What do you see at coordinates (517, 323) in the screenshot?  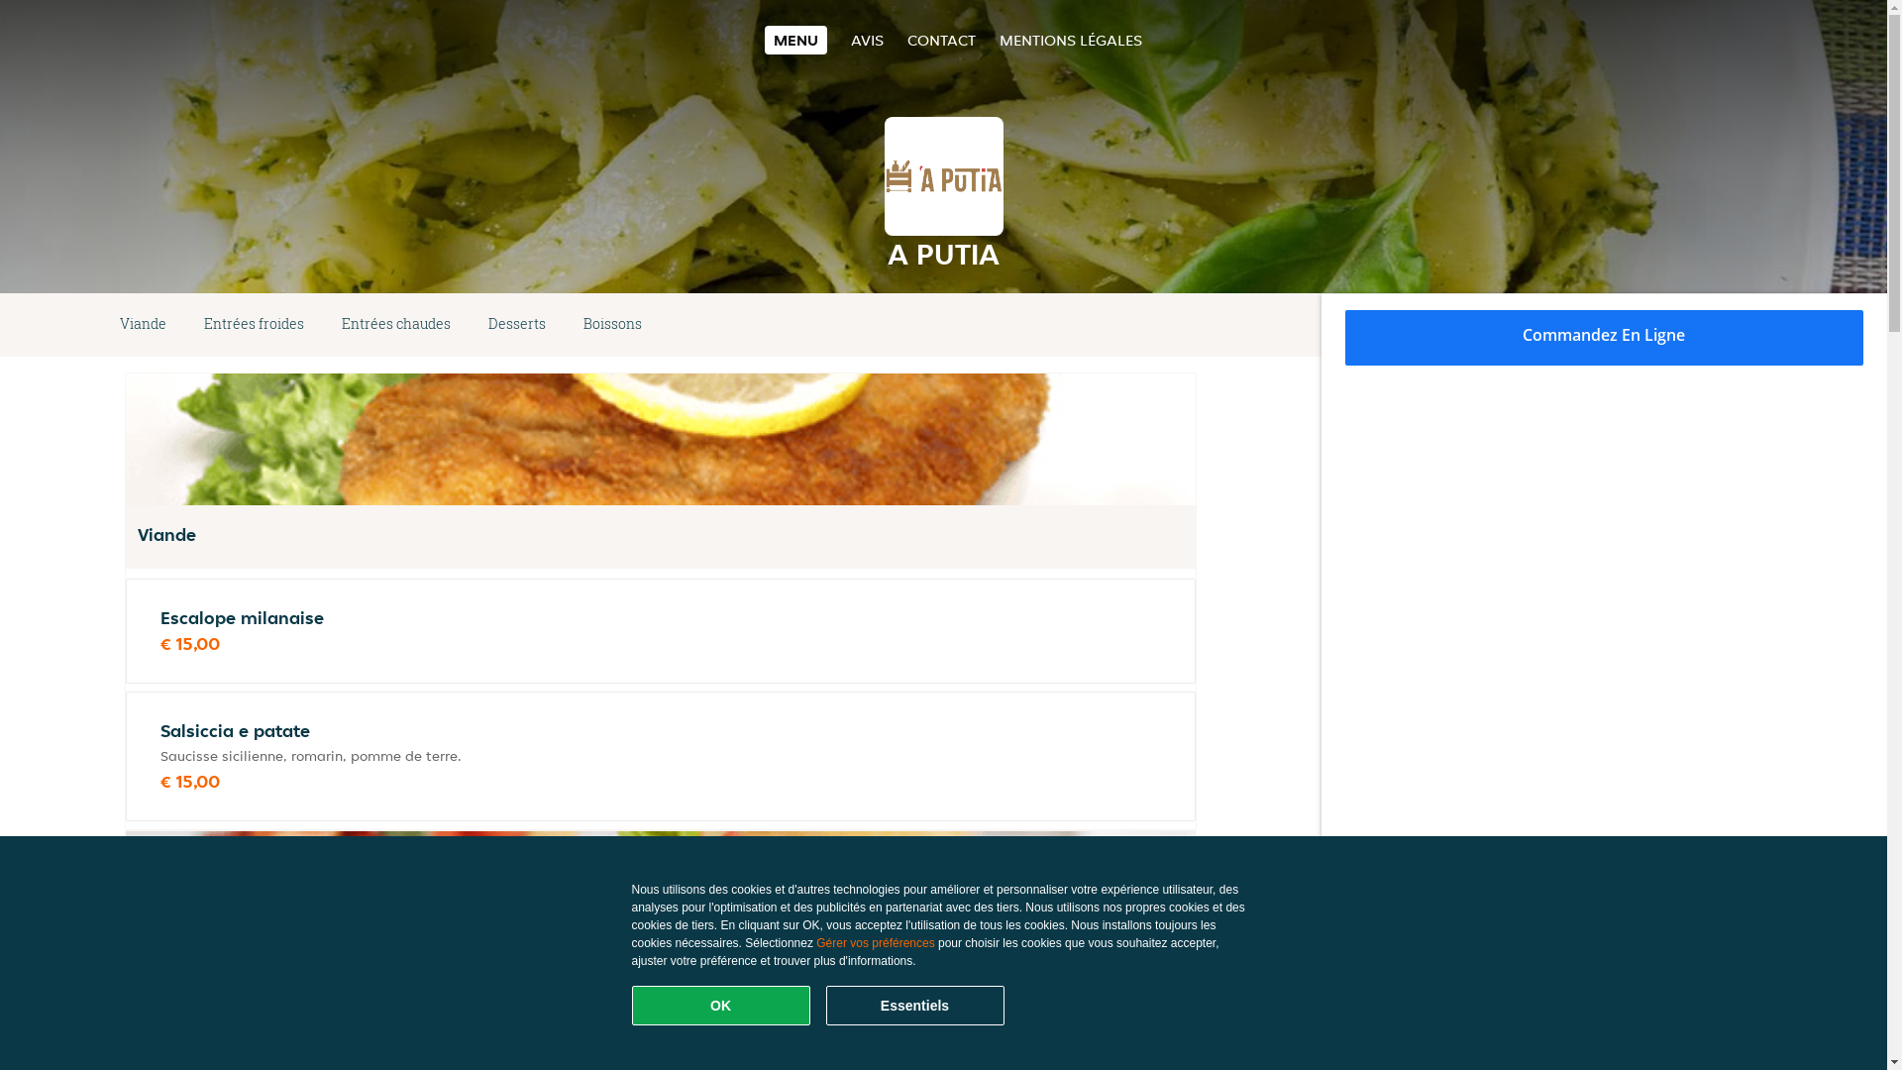 I see `'Desserts'` at bounding box center [517, 323].